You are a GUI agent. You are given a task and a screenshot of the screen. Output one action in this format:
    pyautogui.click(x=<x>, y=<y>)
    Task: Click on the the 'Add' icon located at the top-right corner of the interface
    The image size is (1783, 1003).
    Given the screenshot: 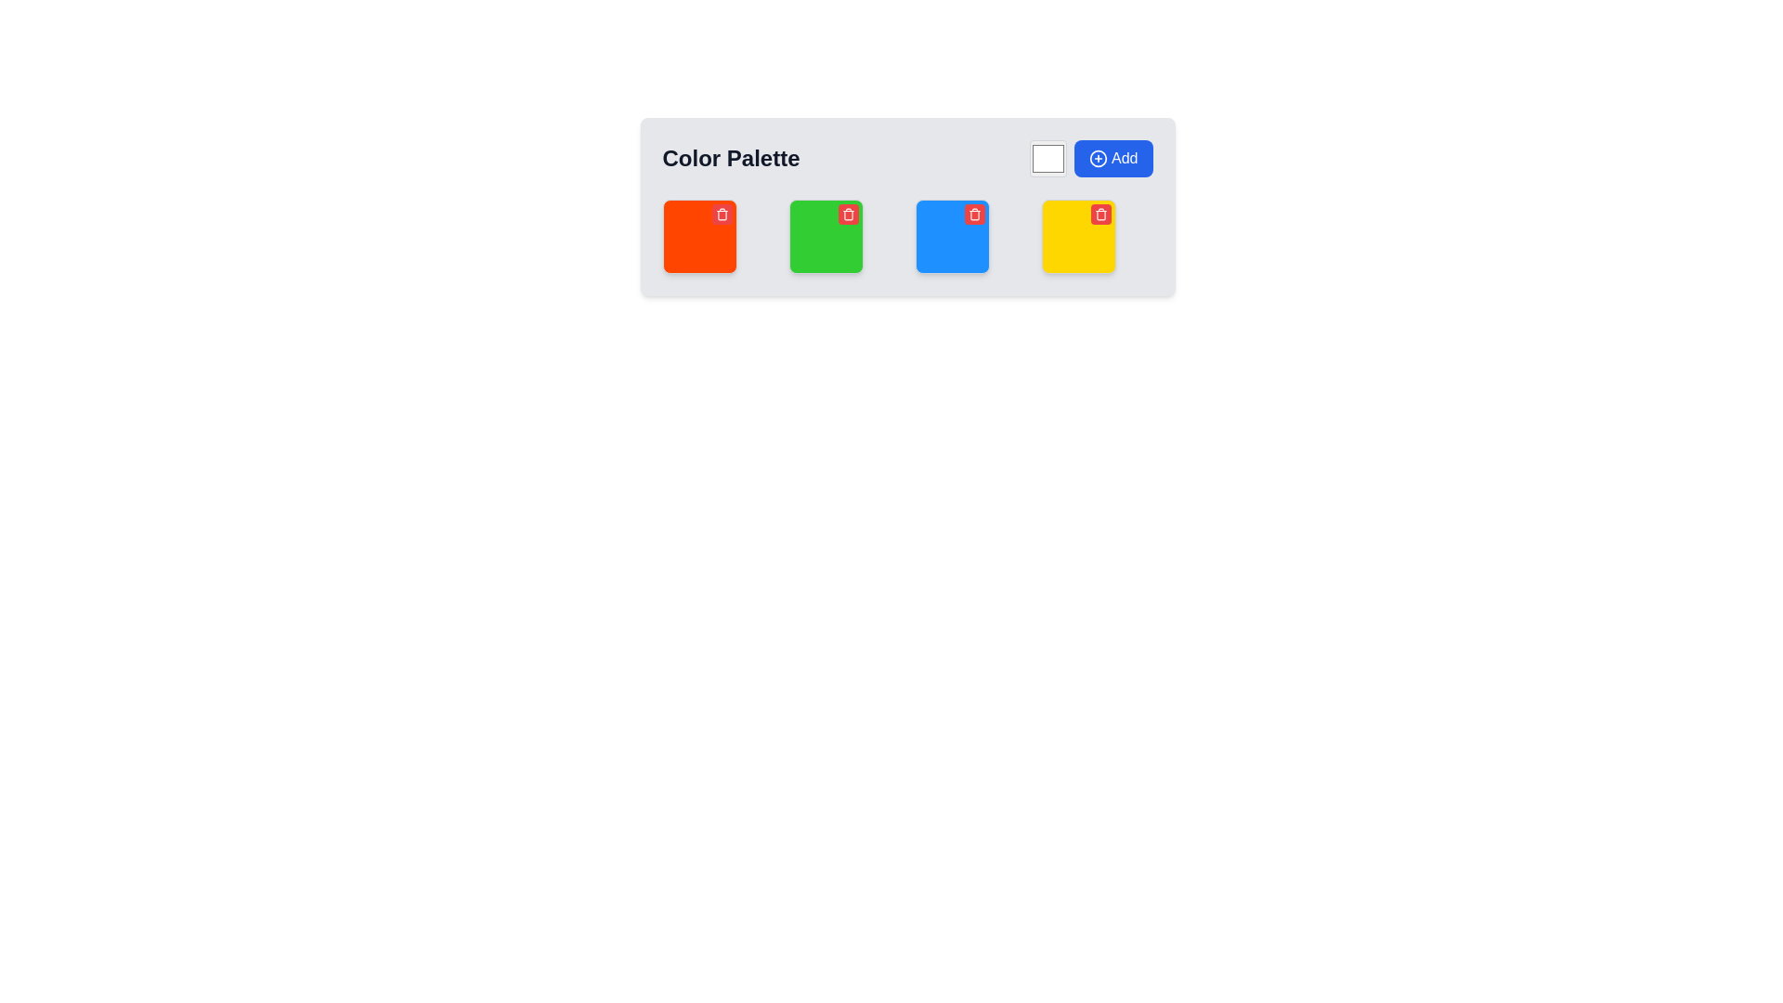 What is the action you would take?
    pyautogui.click(x=1099, y=157)
    